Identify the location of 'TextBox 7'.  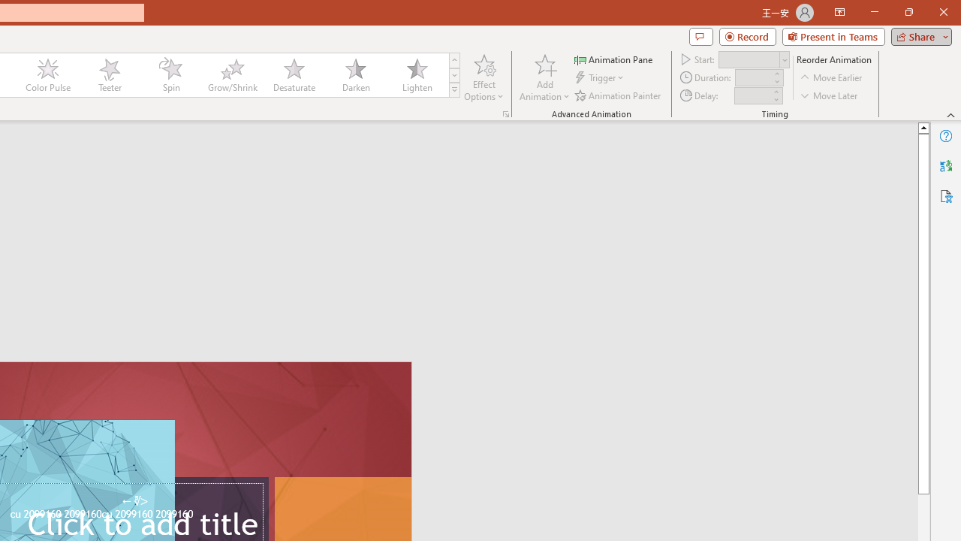
(134, 501).